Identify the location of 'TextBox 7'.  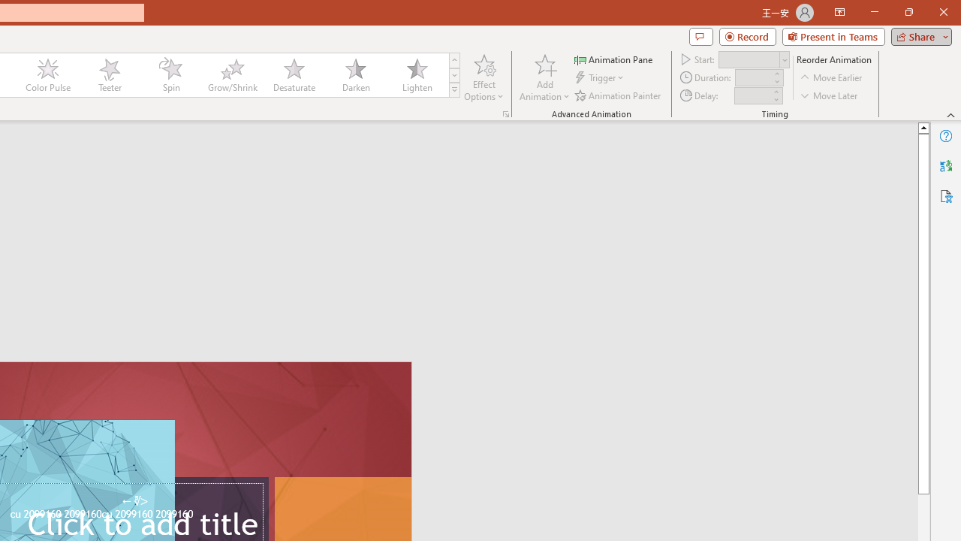
(134, 501).